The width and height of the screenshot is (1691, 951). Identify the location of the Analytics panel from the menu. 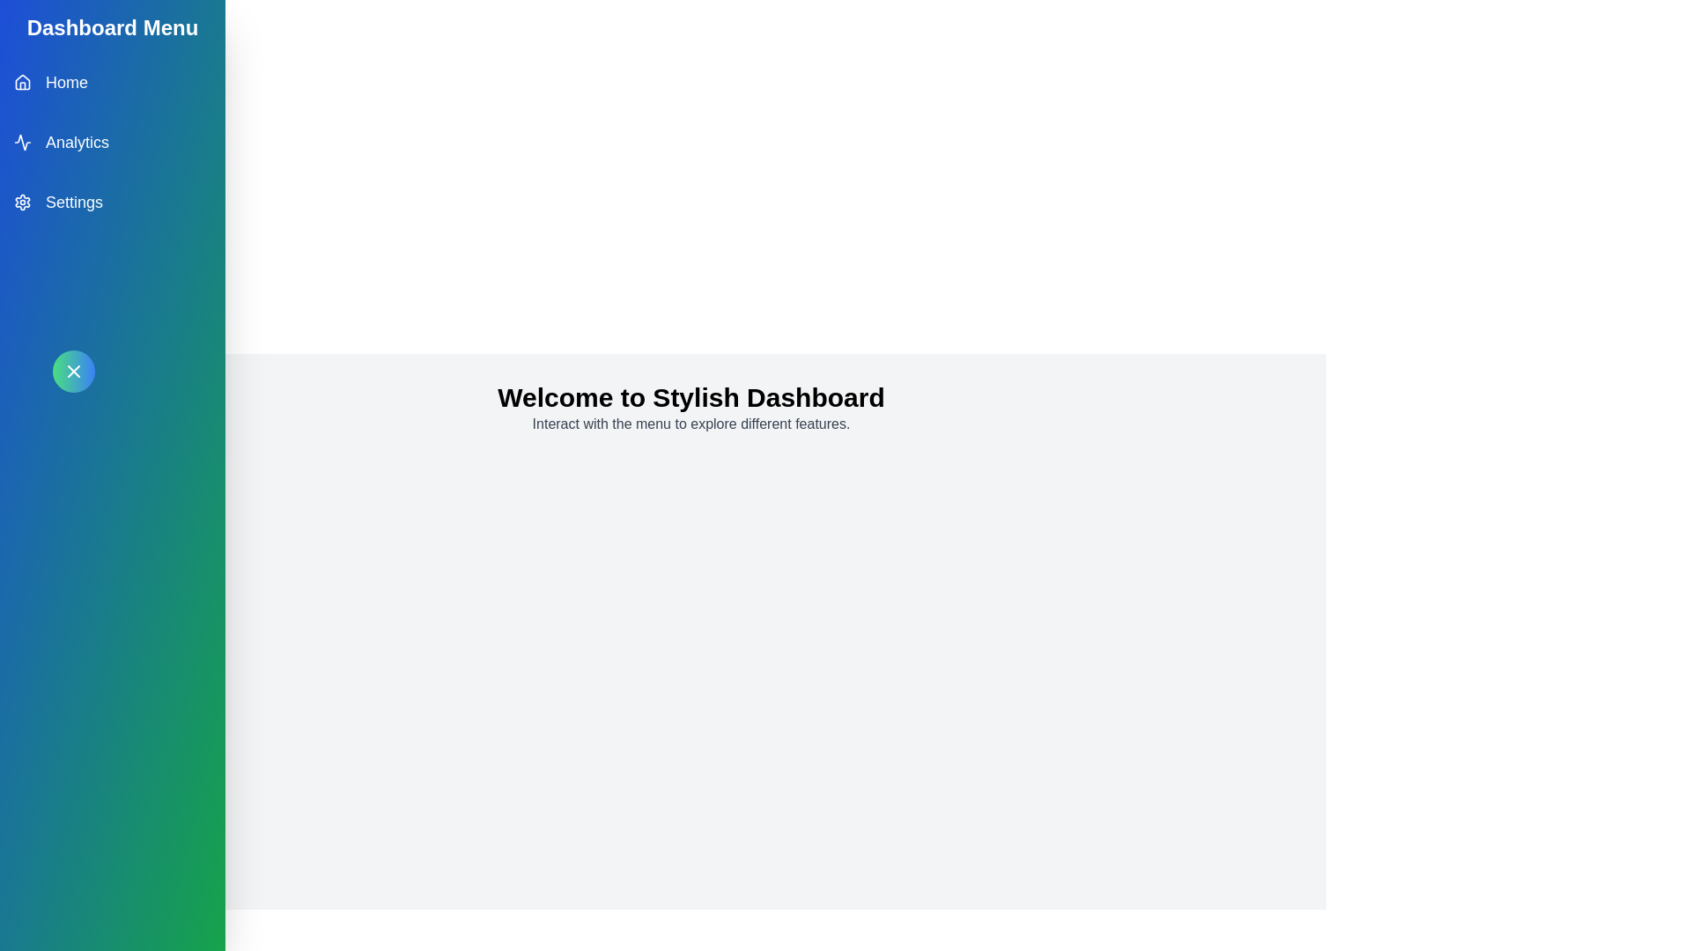
(112, 142).